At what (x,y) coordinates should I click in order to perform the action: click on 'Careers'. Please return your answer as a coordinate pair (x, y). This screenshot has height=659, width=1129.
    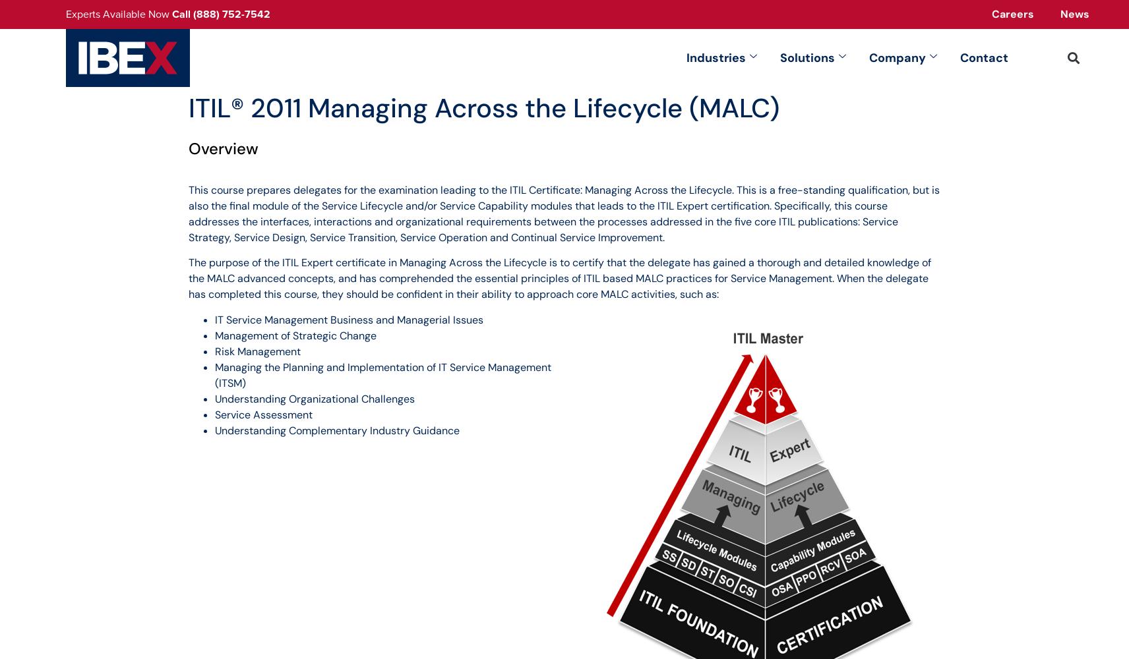
    Looking at the image, I should click on (1013, 14).